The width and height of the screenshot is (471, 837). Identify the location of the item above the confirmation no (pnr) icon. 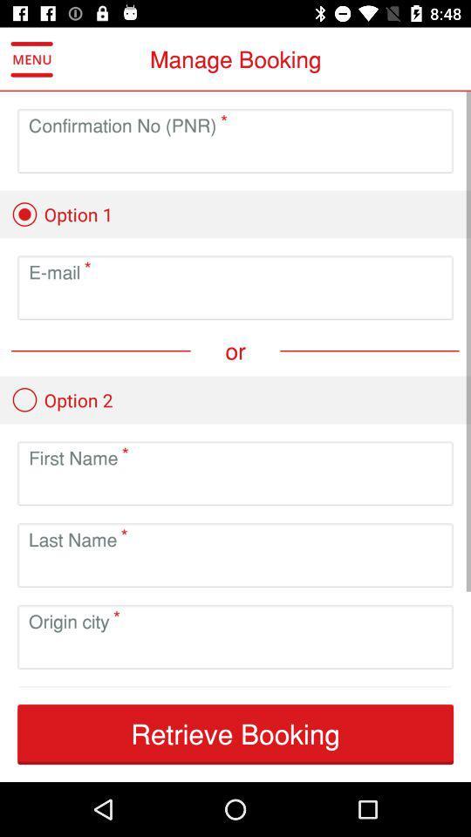
(31, 59).